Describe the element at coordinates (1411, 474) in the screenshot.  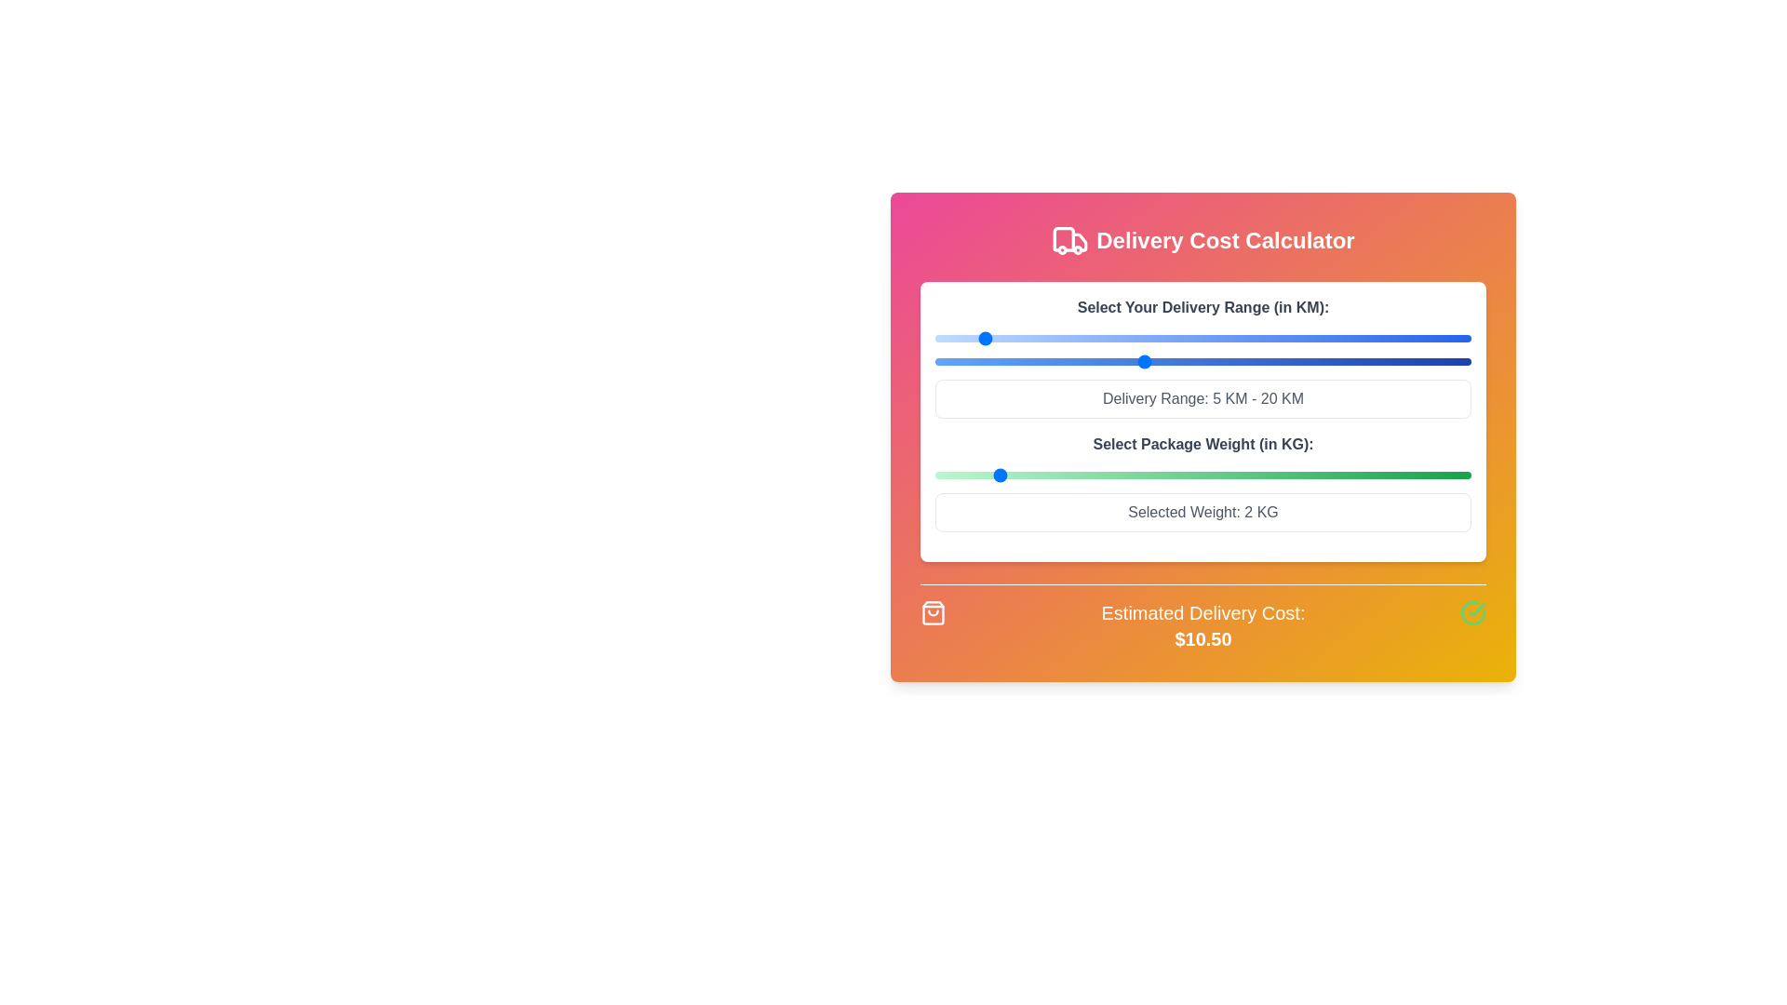
I see `the package weight` at that location.